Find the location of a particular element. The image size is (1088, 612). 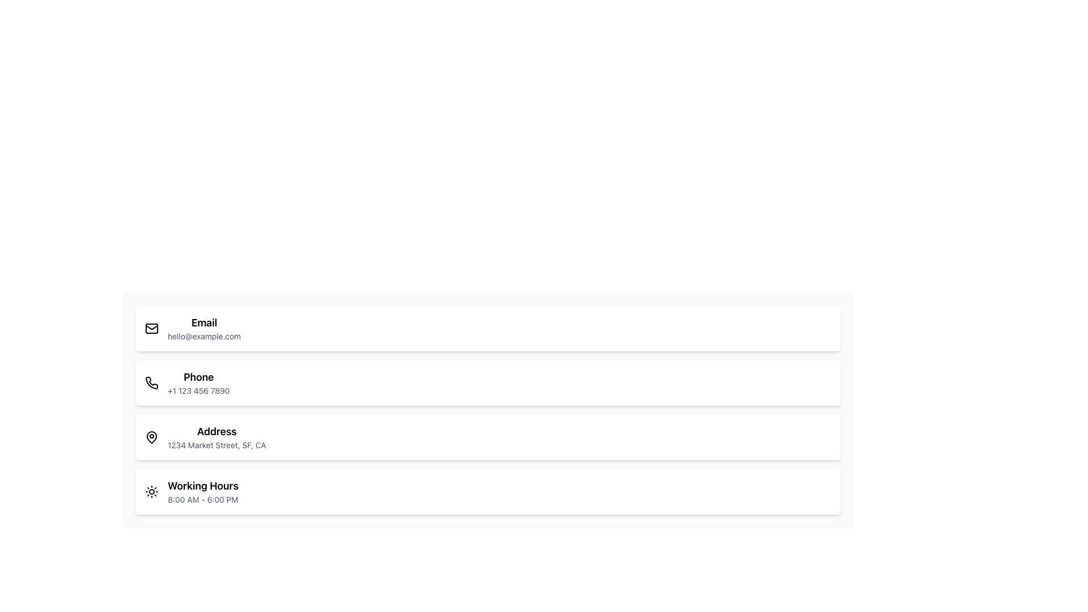

the static text element displaying the email address 'hello@example.com', which is styled in a smaller gray font and located beneath the 'Email' label is located at coordinates (204, 336).